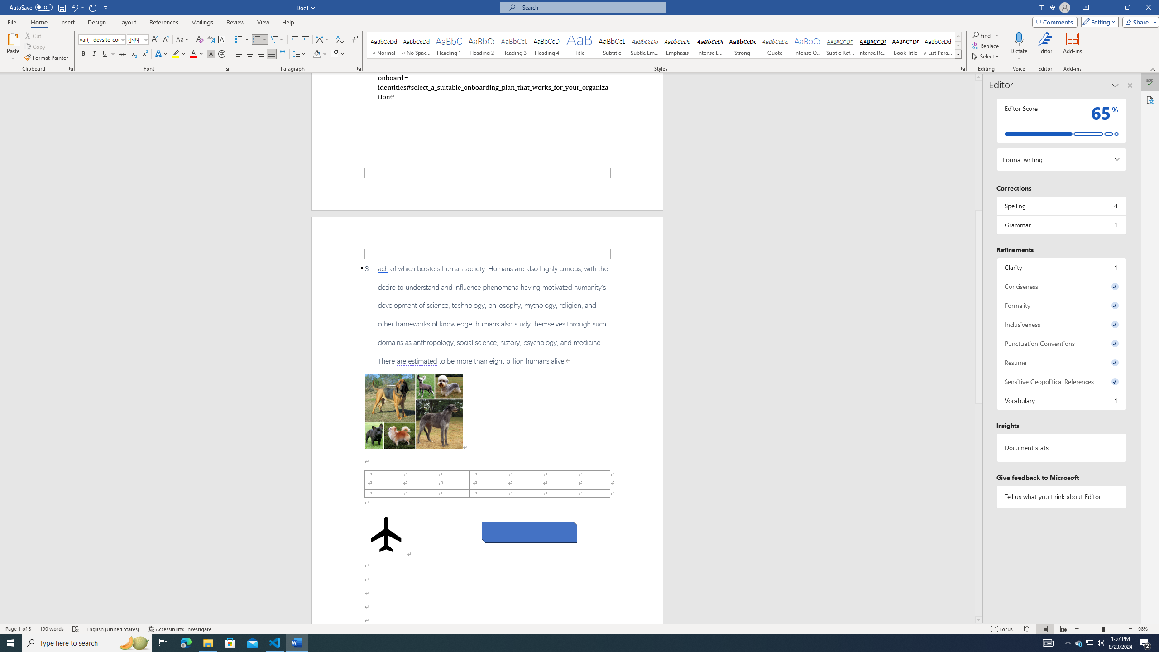 The width and height of the screenshot is (1159, 652). Describe the element at coordinates (1106, 7) in the screenshot. I see `'Minimize'` at that location.